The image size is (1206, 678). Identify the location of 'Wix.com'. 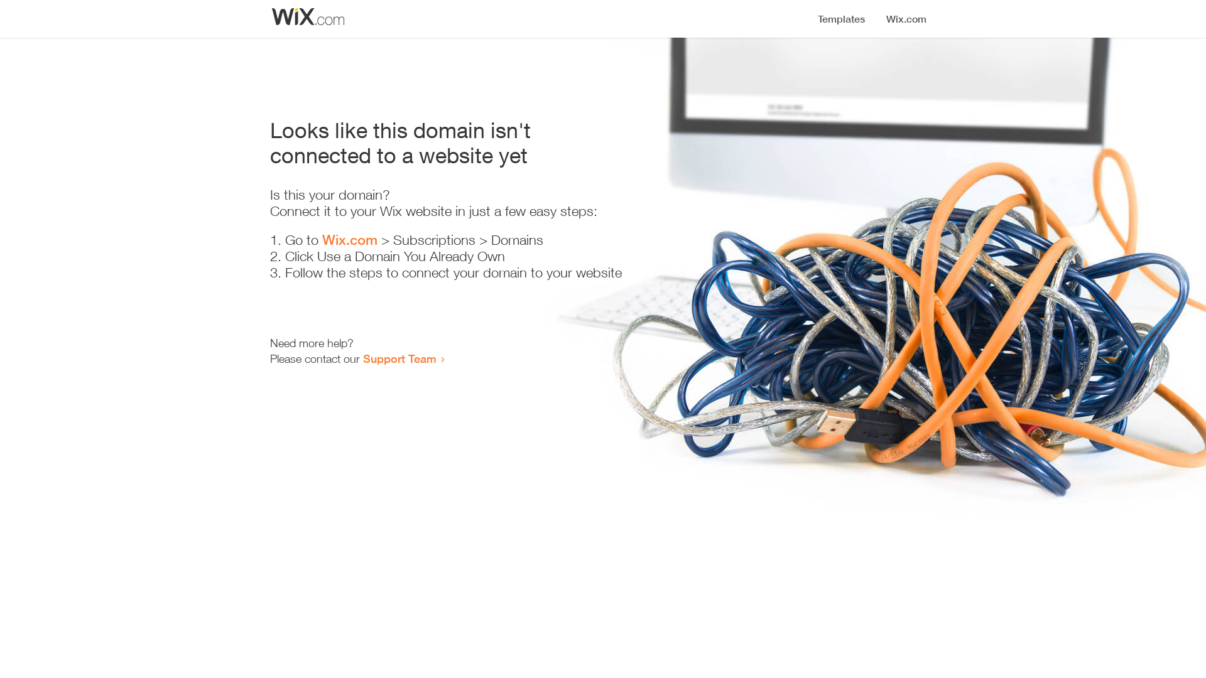
(322, 239).